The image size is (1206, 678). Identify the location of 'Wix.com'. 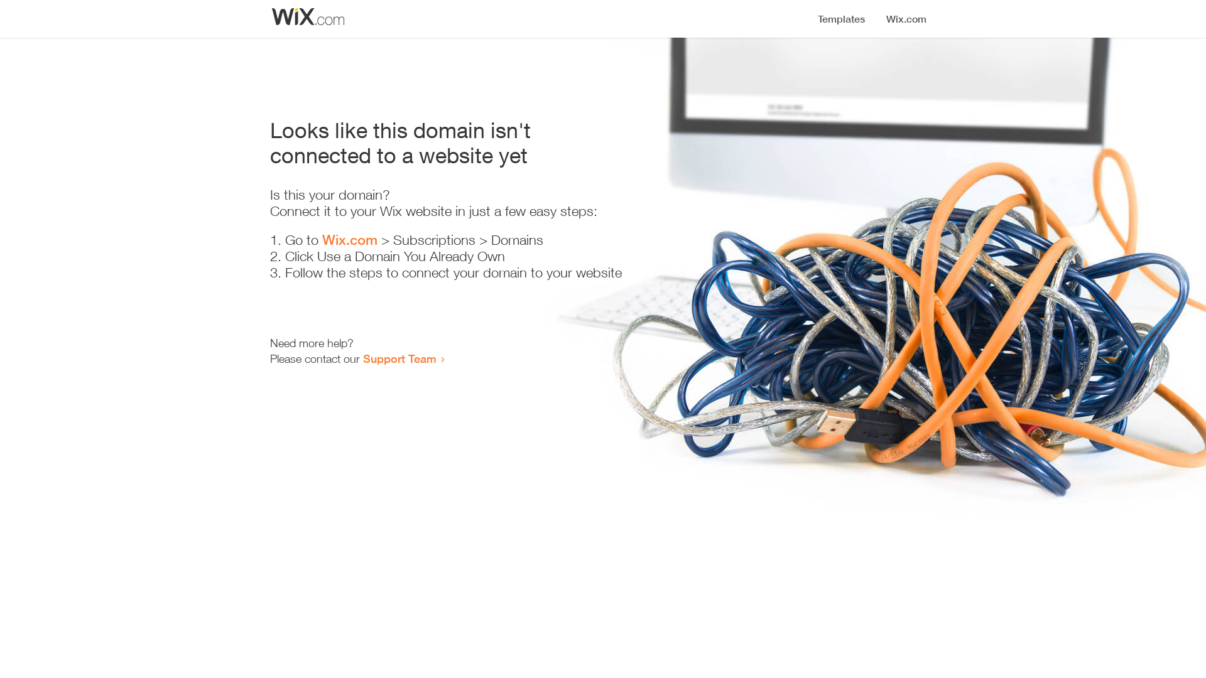
(322, 239).